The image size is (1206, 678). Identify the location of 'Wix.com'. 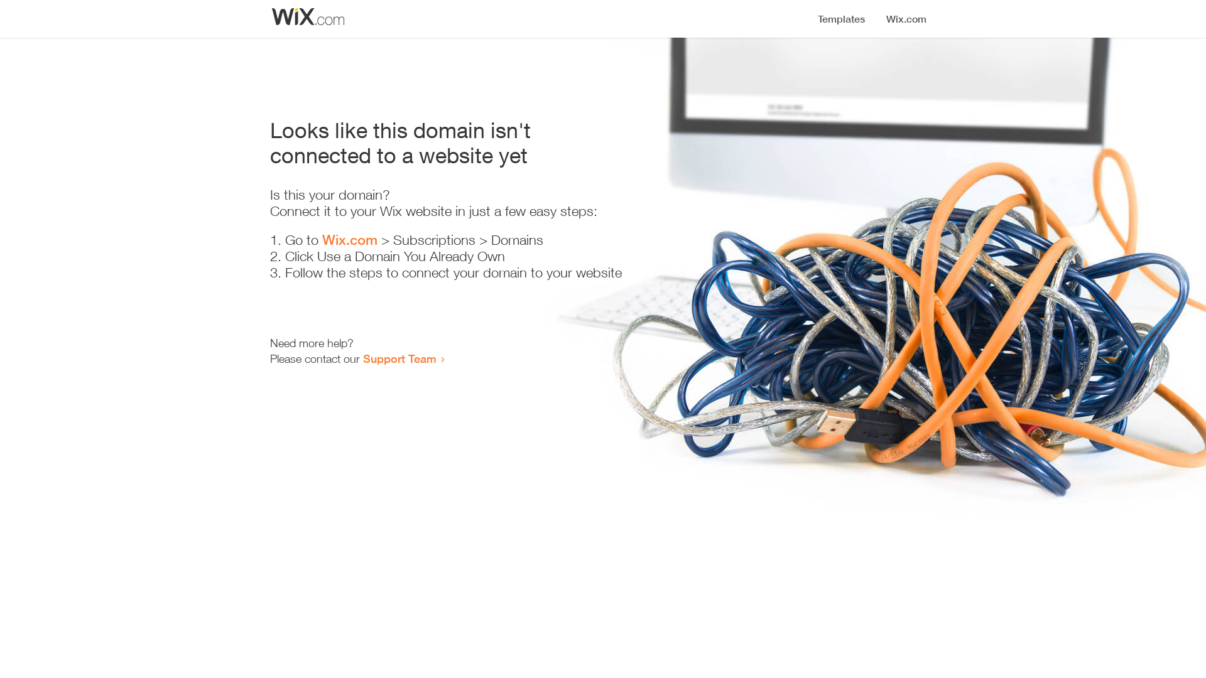
(322, 239).